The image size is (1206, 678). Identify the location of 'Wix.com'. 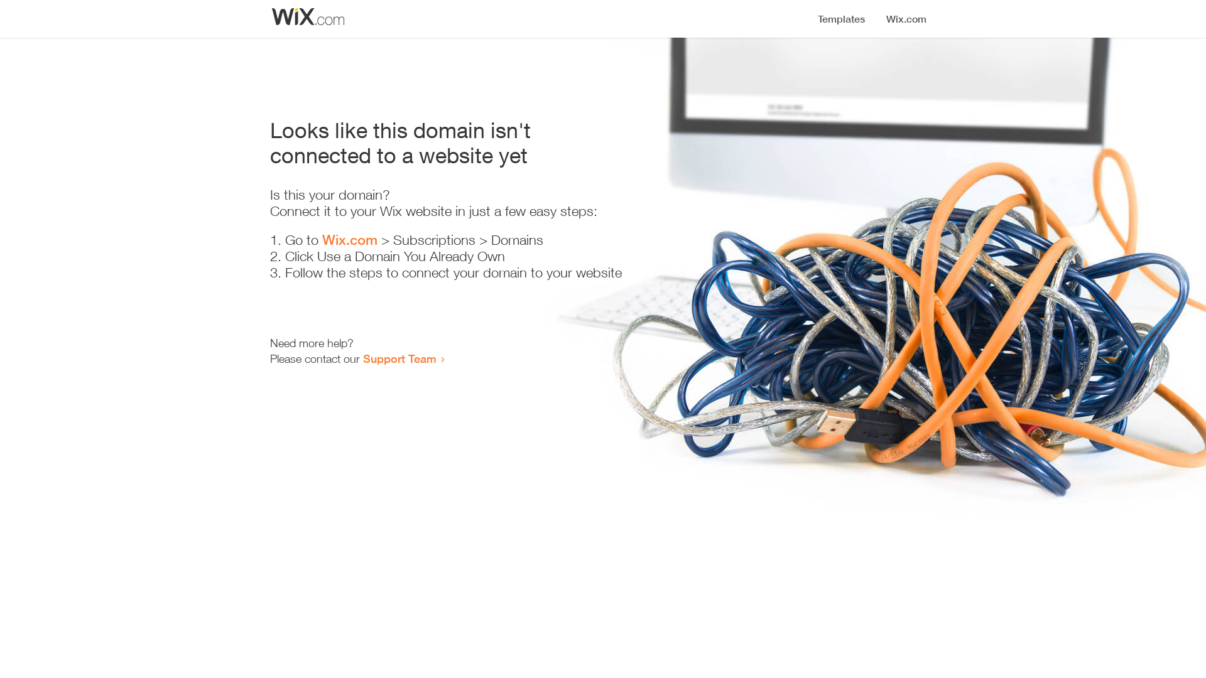
(322, 239).